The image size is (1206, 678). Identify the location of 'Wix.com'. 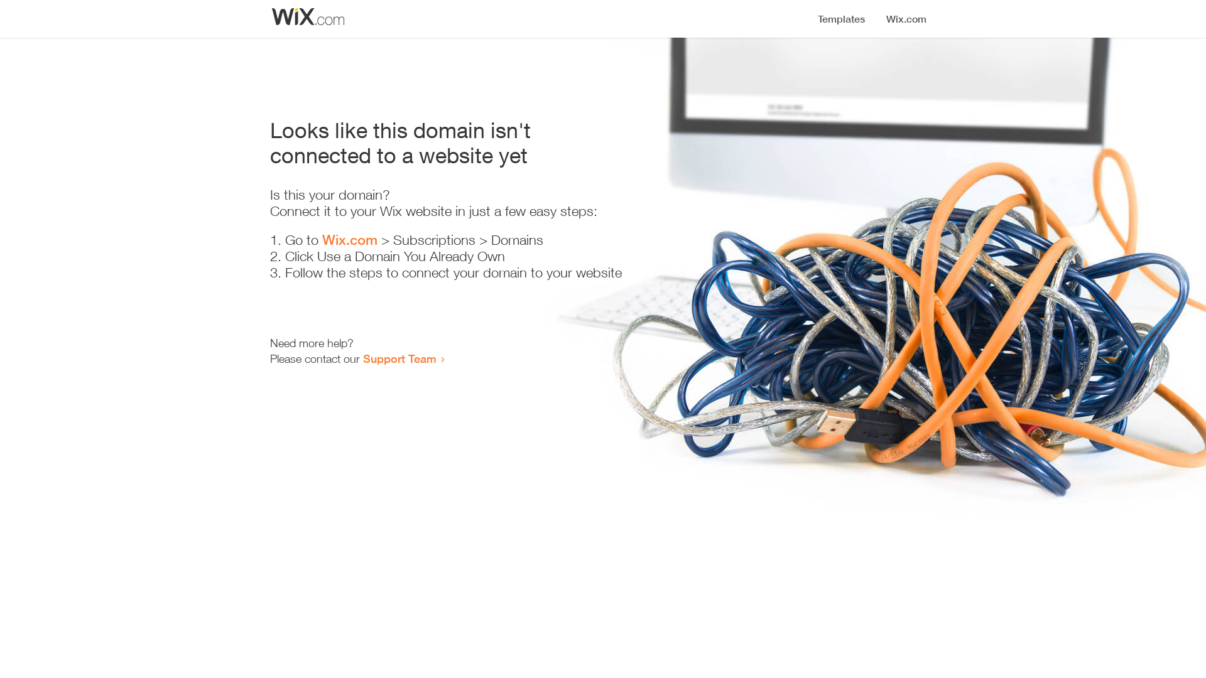
(322, 239).